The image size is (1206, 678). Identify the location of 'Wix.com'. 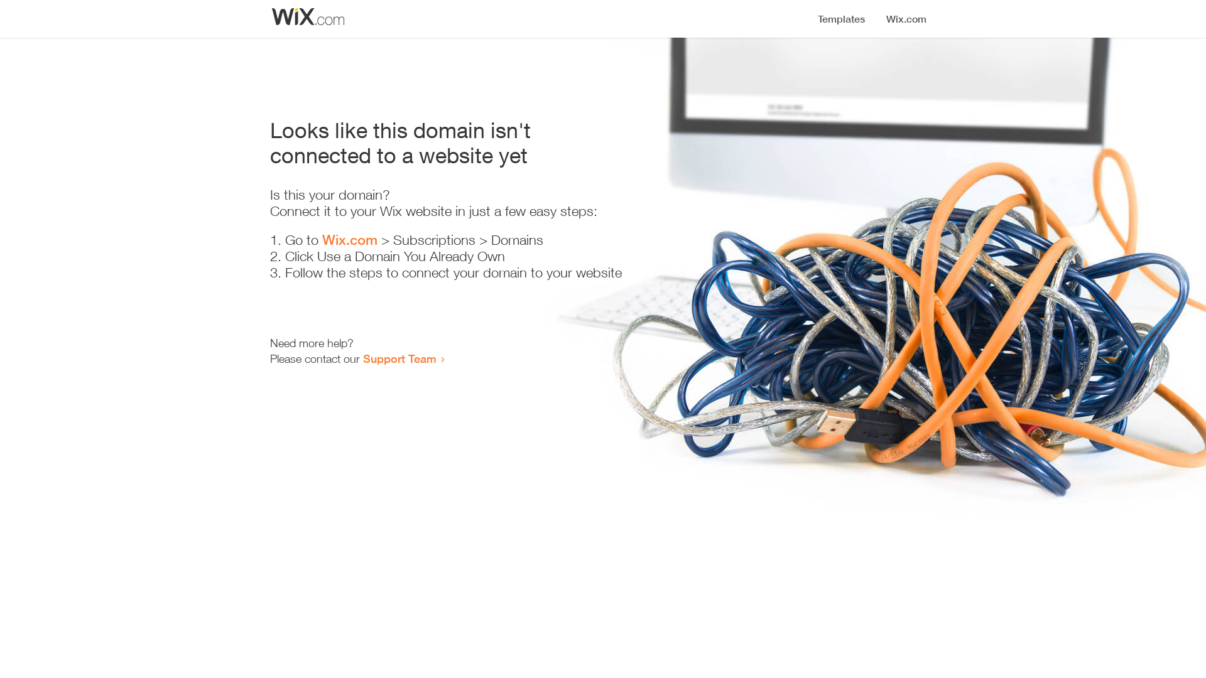
(322, 239).